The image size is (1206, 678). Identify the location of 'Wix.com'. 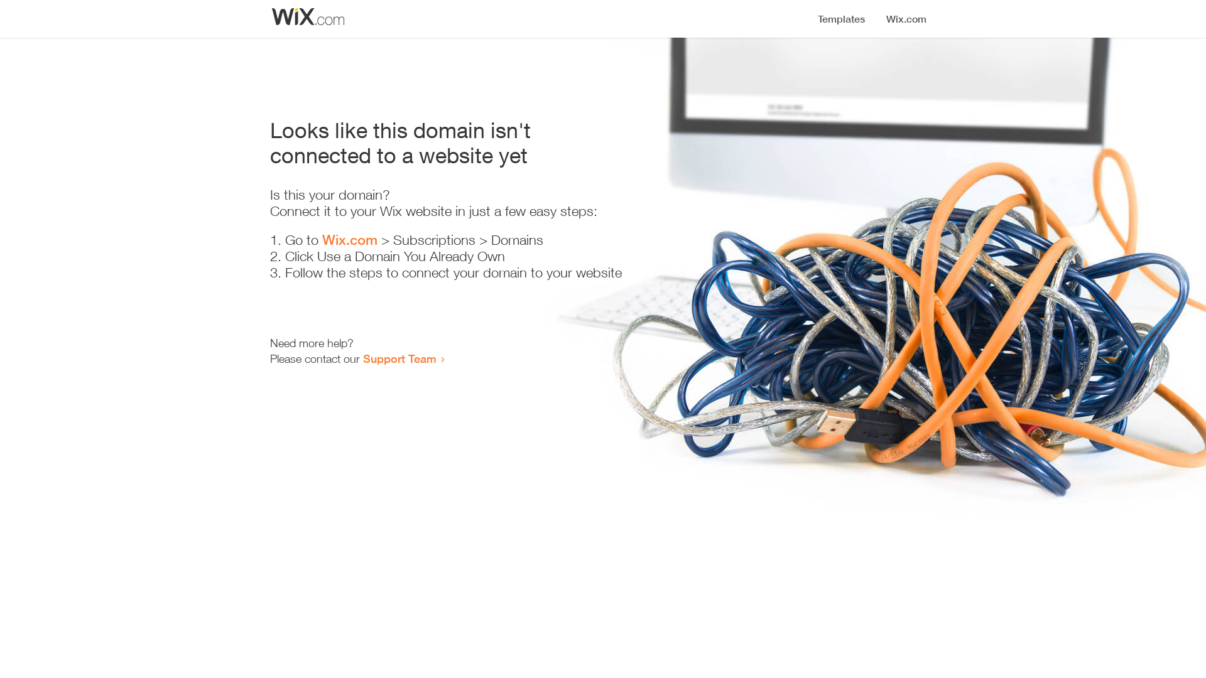
(322, 239).